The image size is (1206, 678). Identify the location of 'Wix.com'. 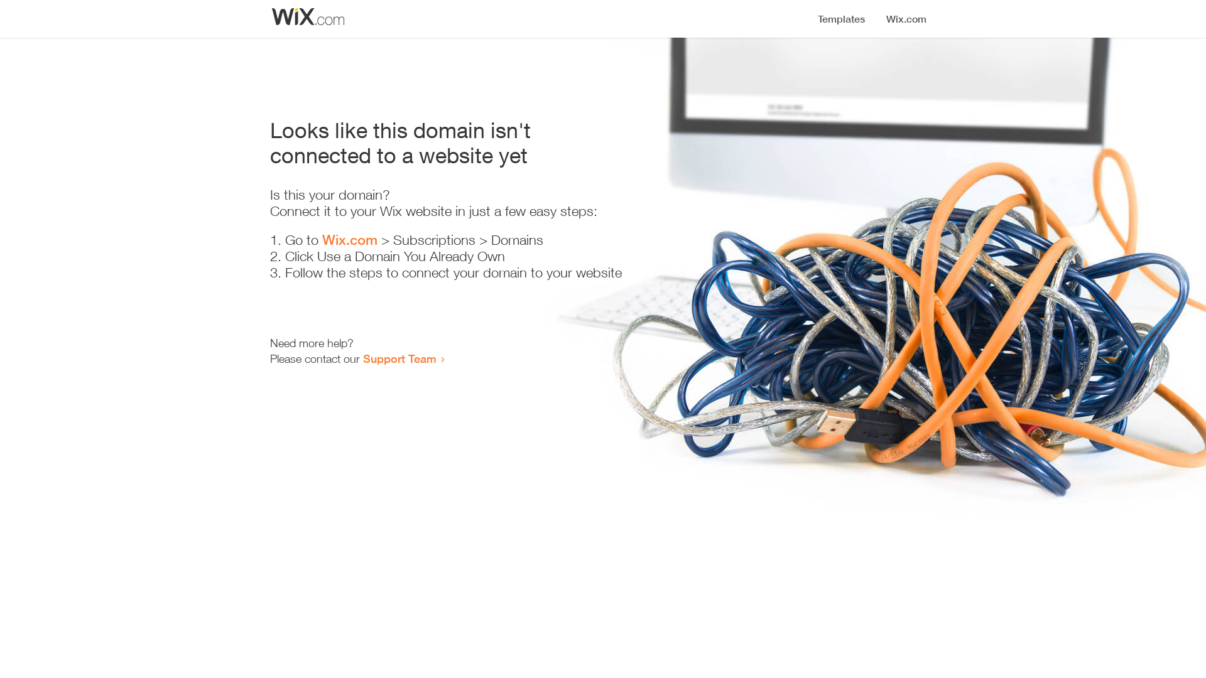
(322, 239).